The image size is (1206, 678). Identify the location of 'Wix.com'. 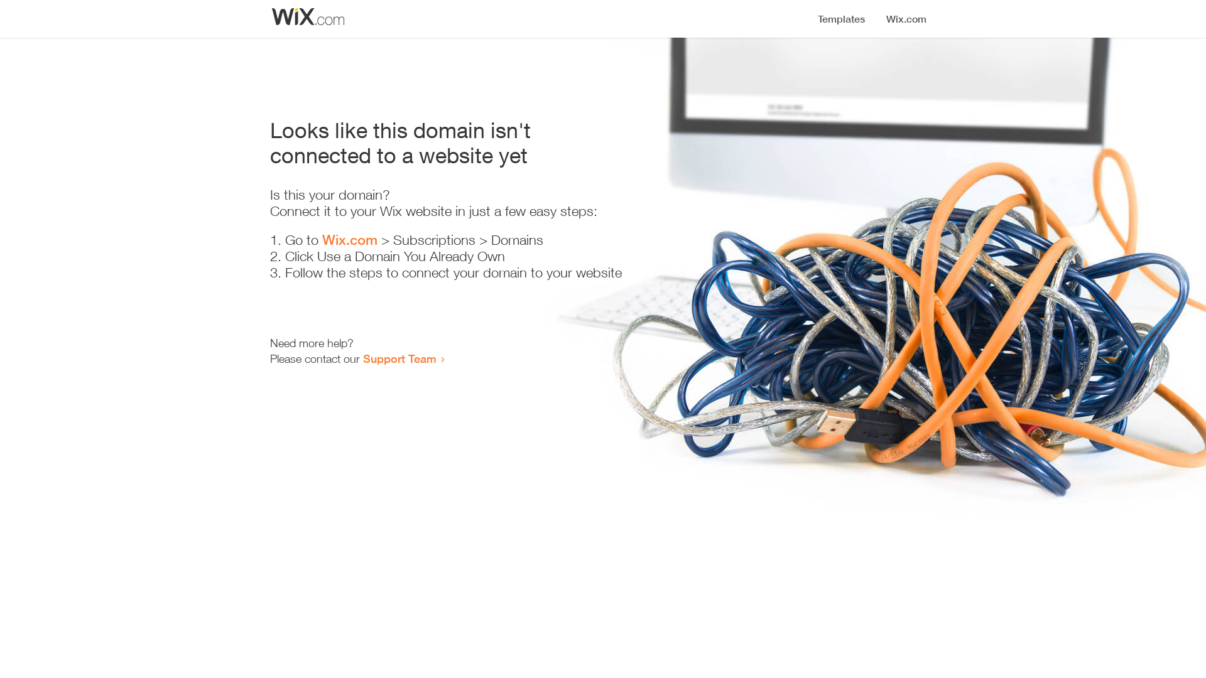
(322, 239).